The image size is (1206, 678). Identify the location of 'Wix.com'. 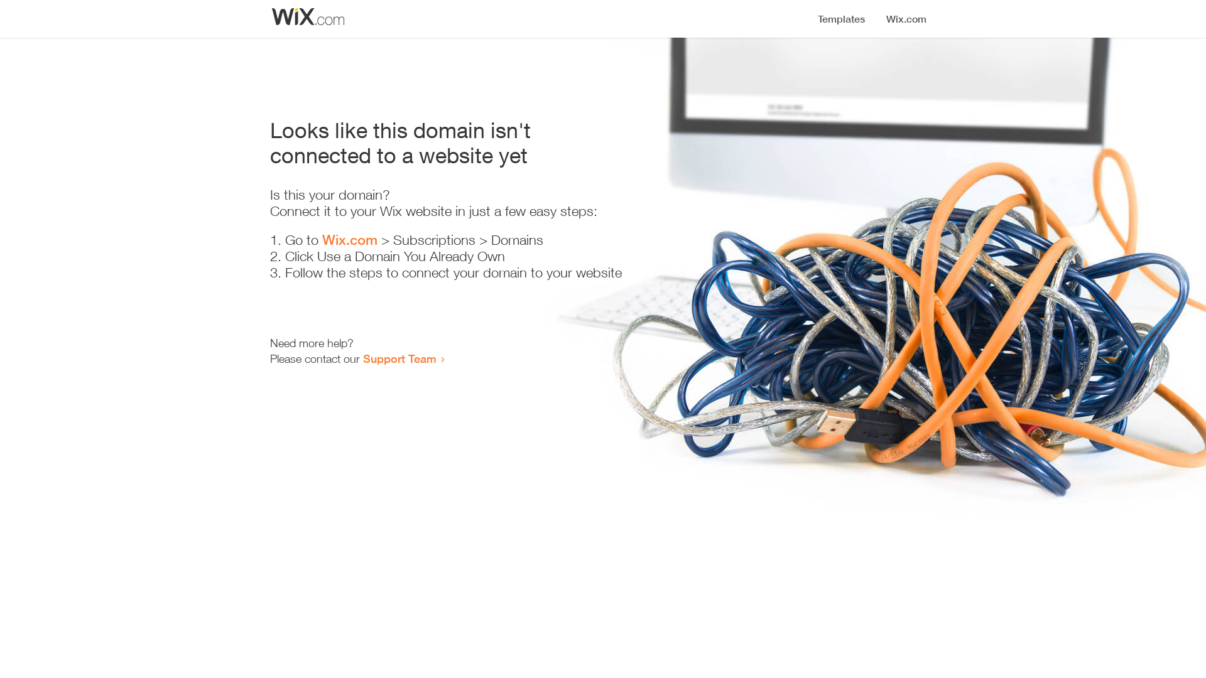
(322, 239).